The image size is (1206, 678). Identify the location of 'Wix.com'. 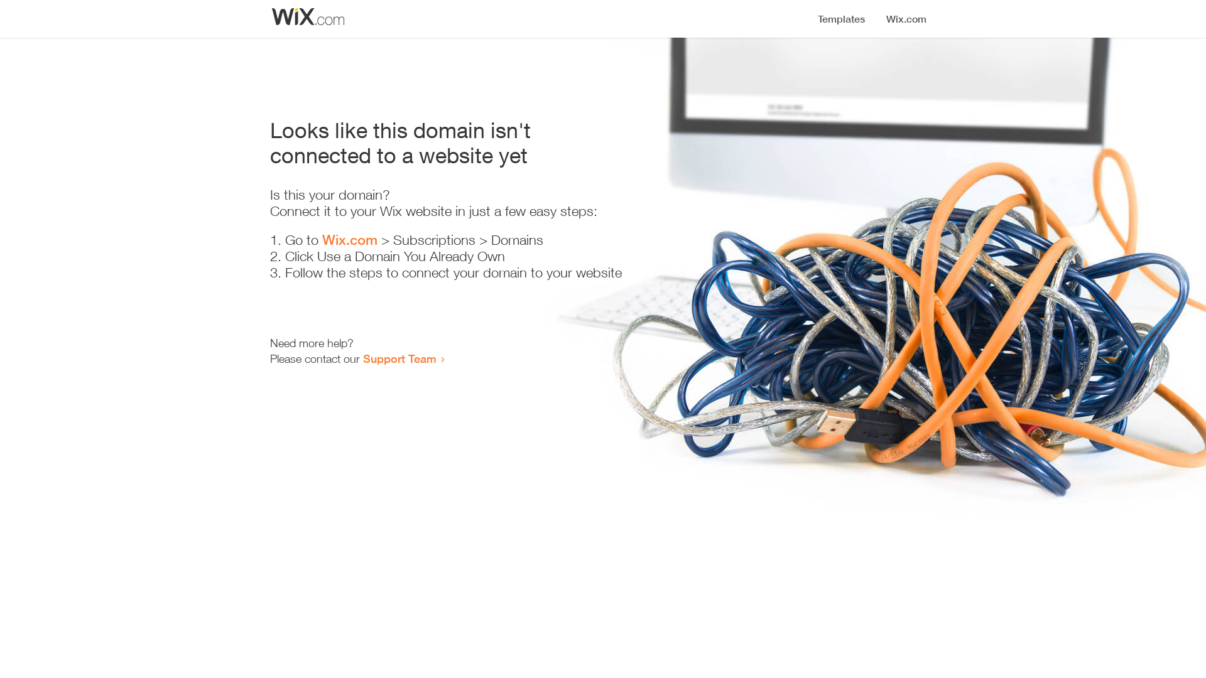
(322, 239).